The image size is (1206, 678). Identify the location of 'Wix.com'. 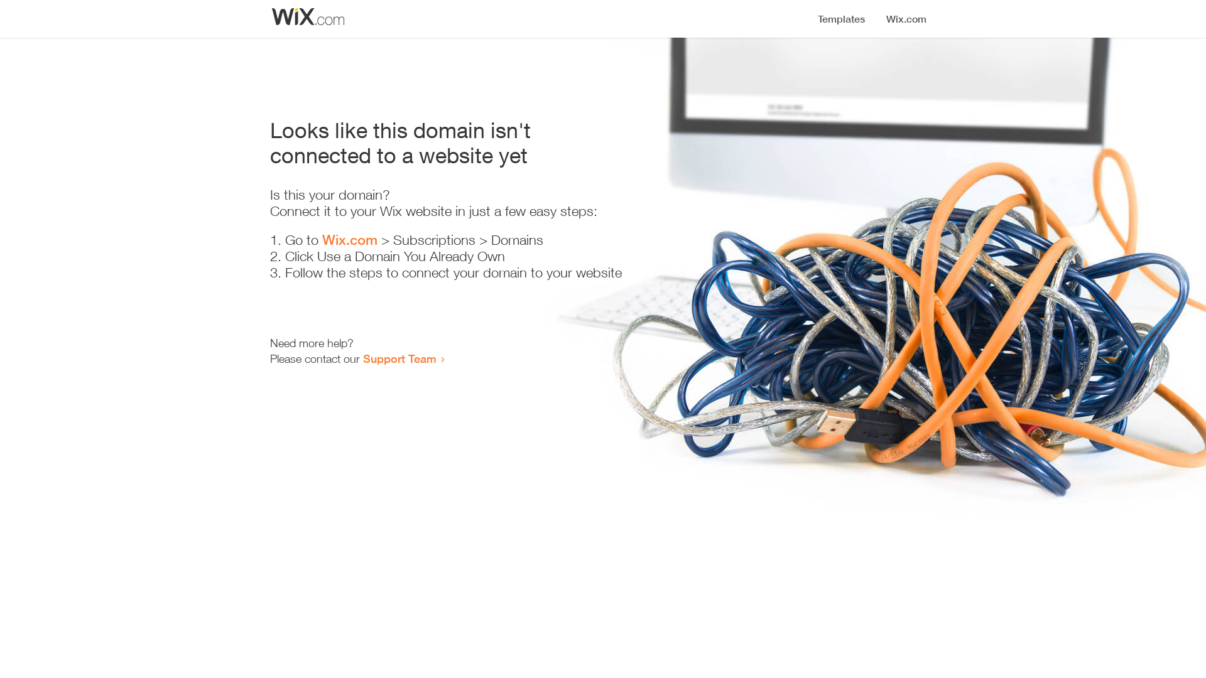
(322, 239).